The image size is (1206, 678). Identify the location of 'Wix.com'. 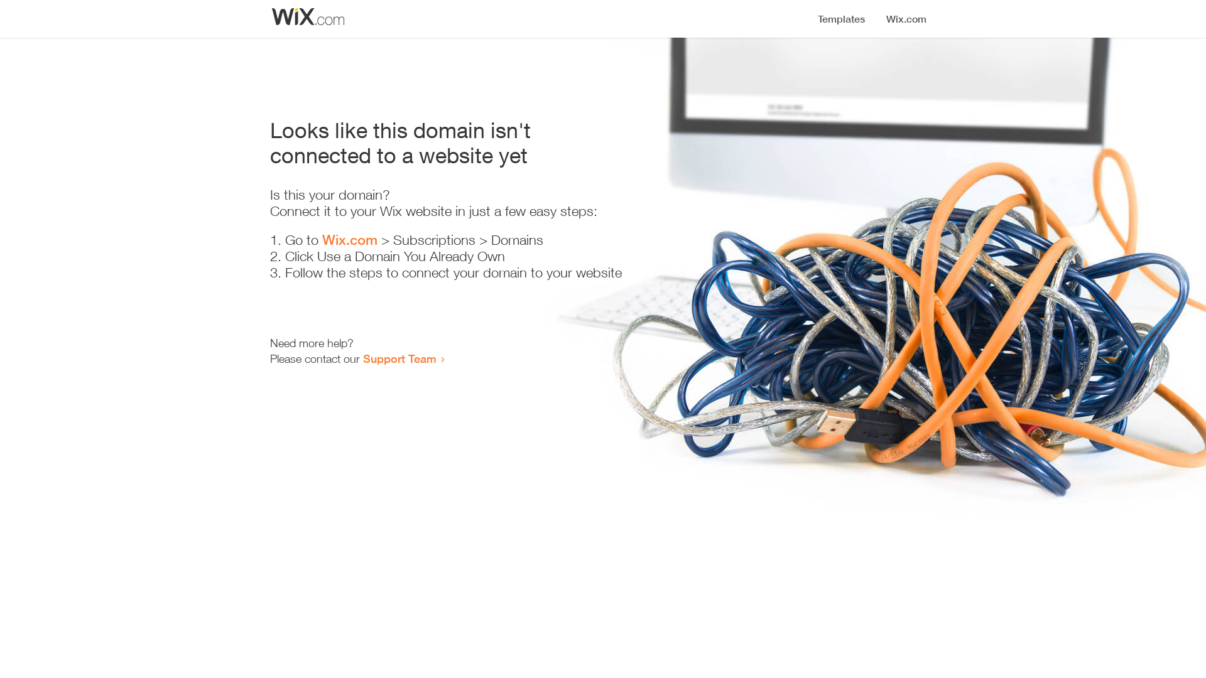
(322, 239).